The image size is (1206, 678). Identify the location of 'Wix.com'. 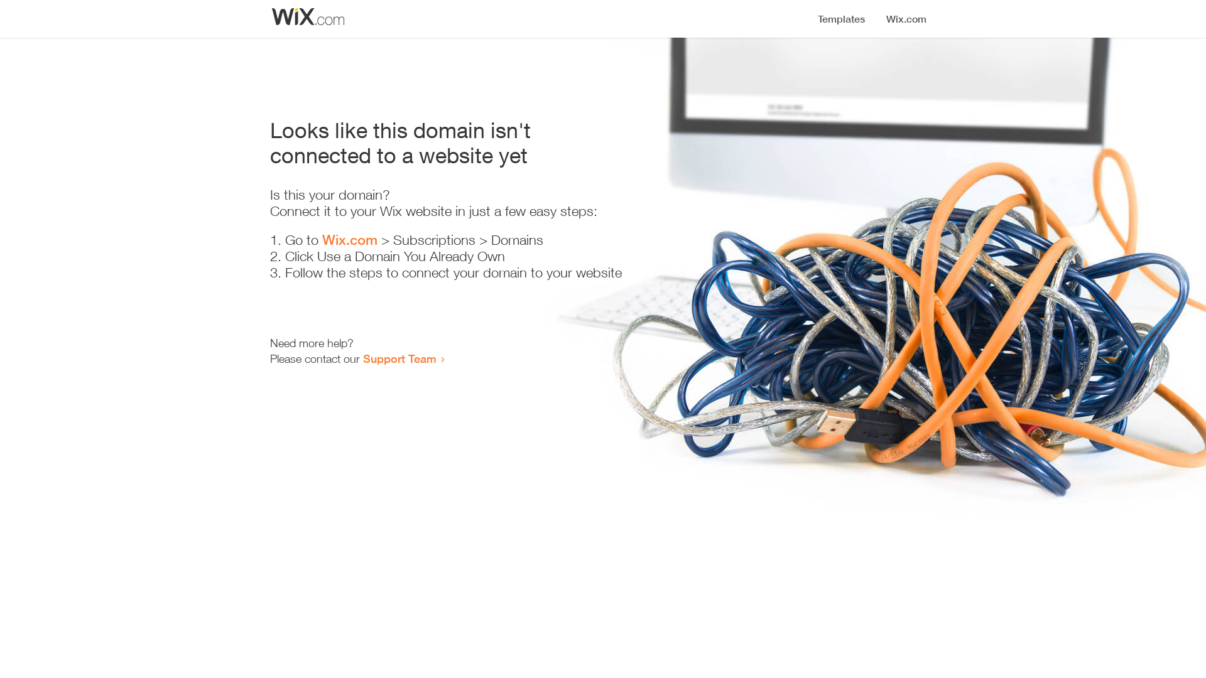
(322, 239).